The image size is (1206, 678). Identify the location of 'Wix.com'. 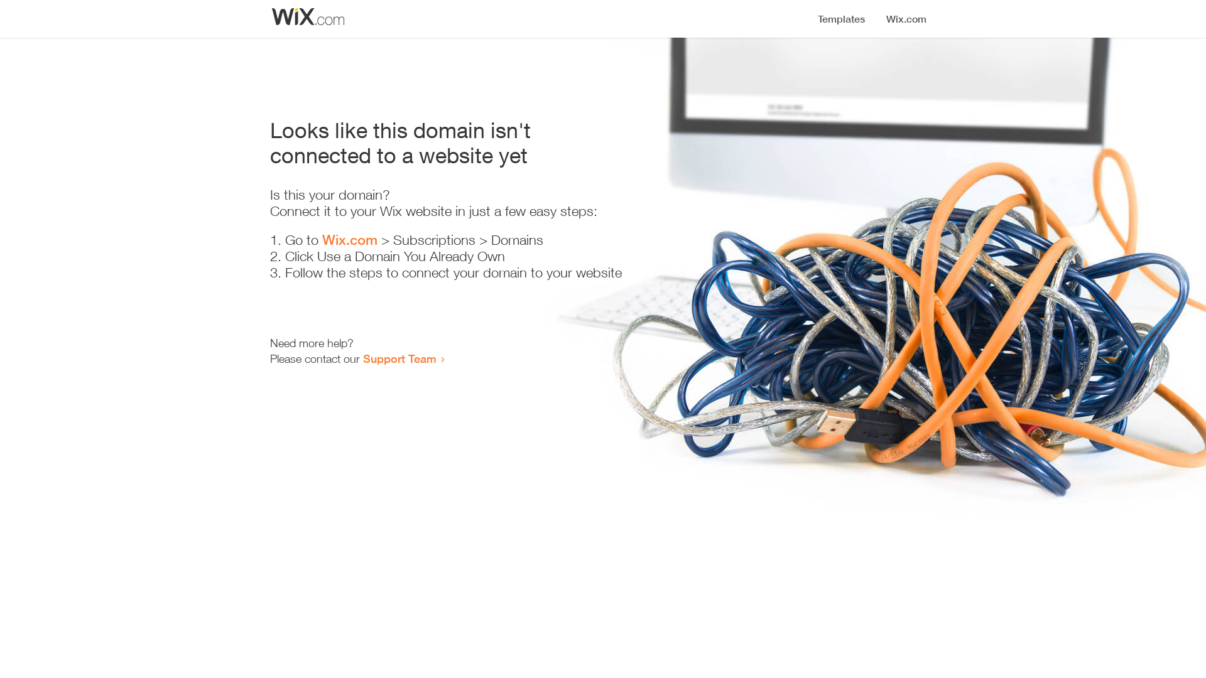
(322, 239).